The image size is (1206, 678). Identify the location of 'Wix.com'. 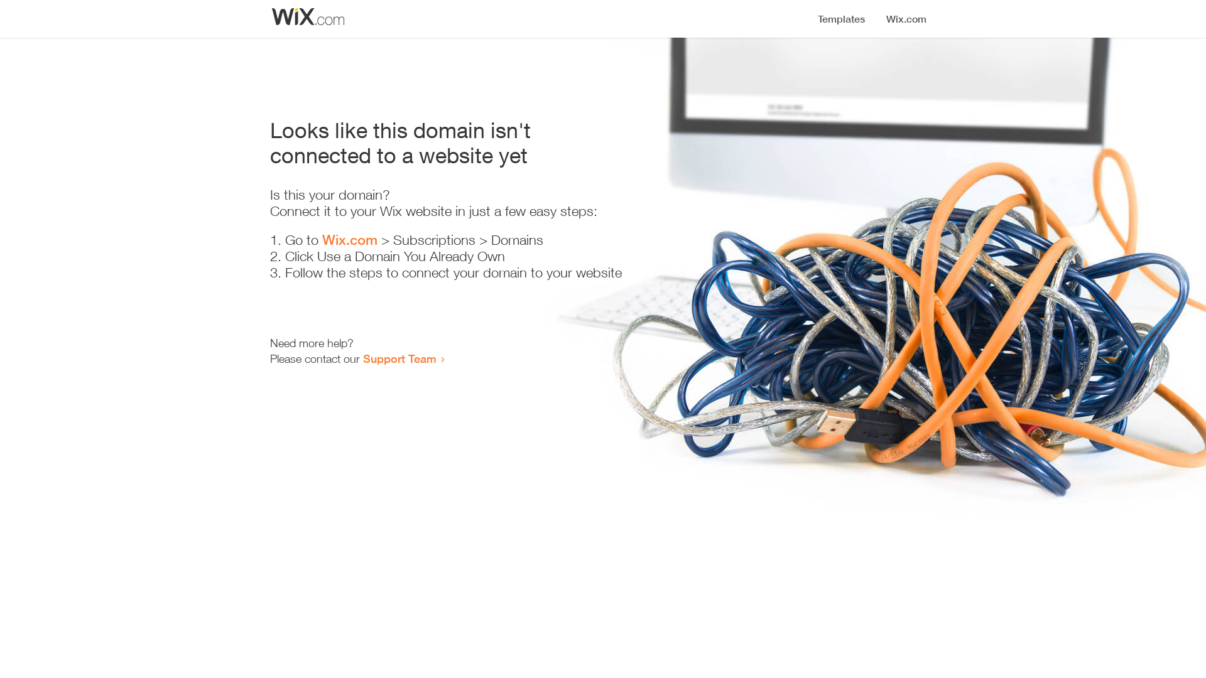
(322, 239).